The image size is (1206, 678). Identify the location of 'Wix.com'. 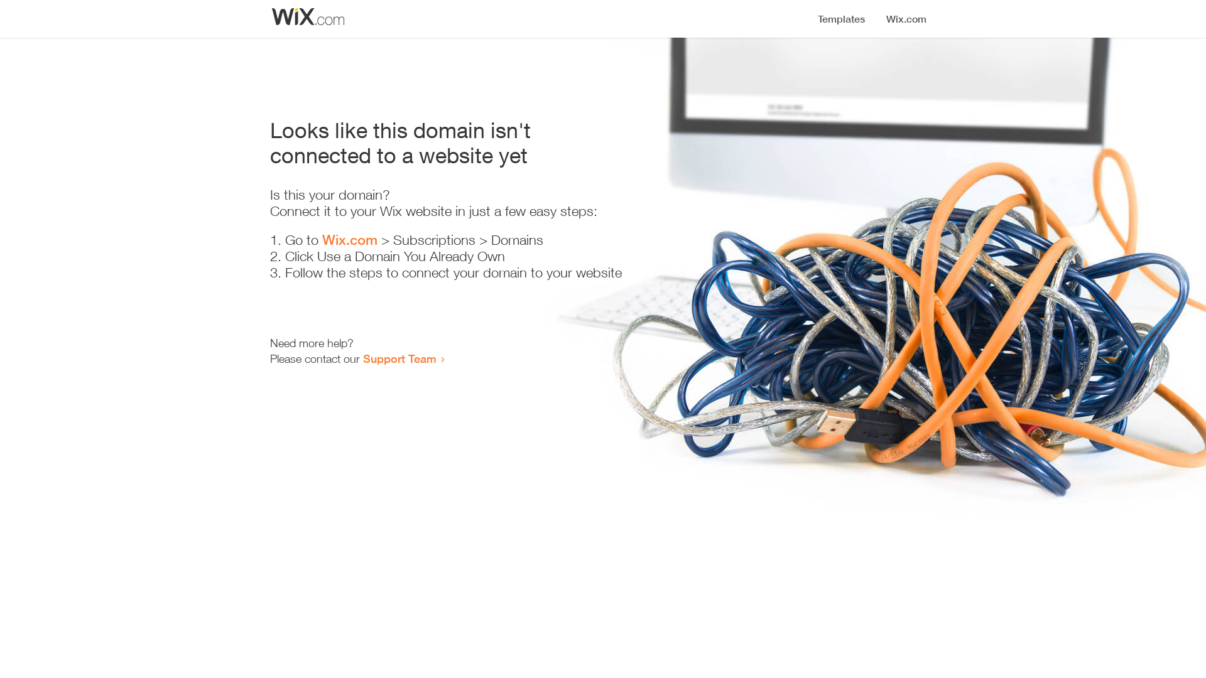
(322, 239).